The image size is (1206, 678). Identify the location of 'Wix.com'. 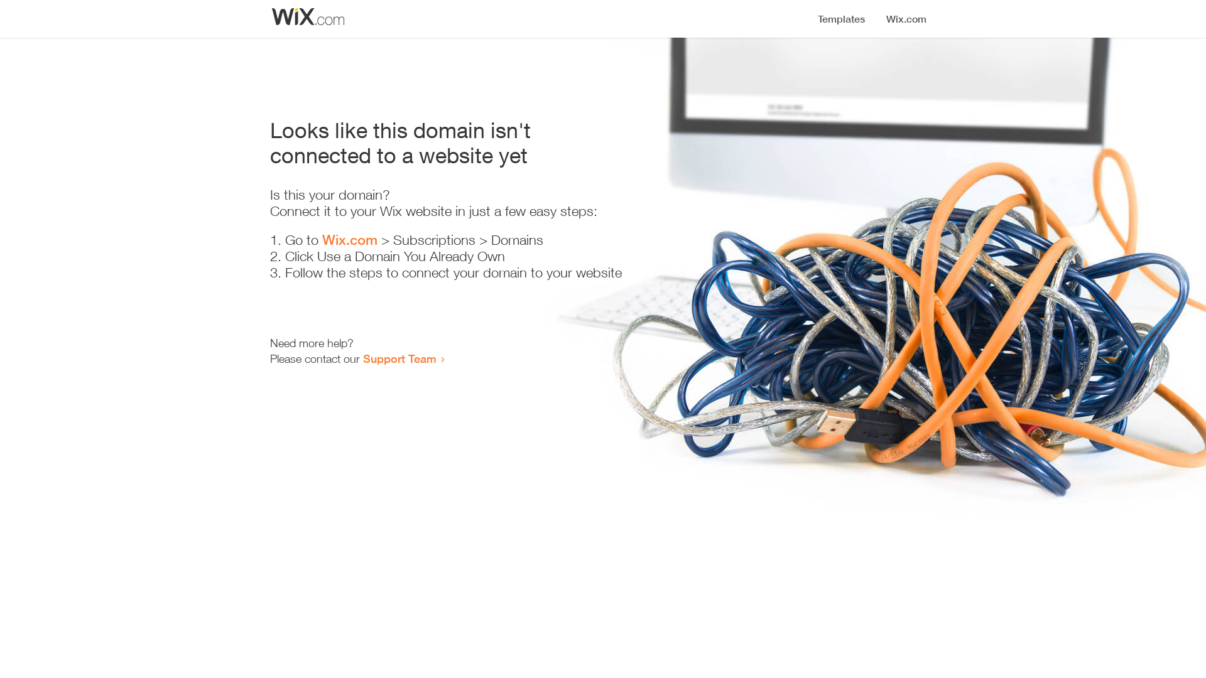
(322, 239).